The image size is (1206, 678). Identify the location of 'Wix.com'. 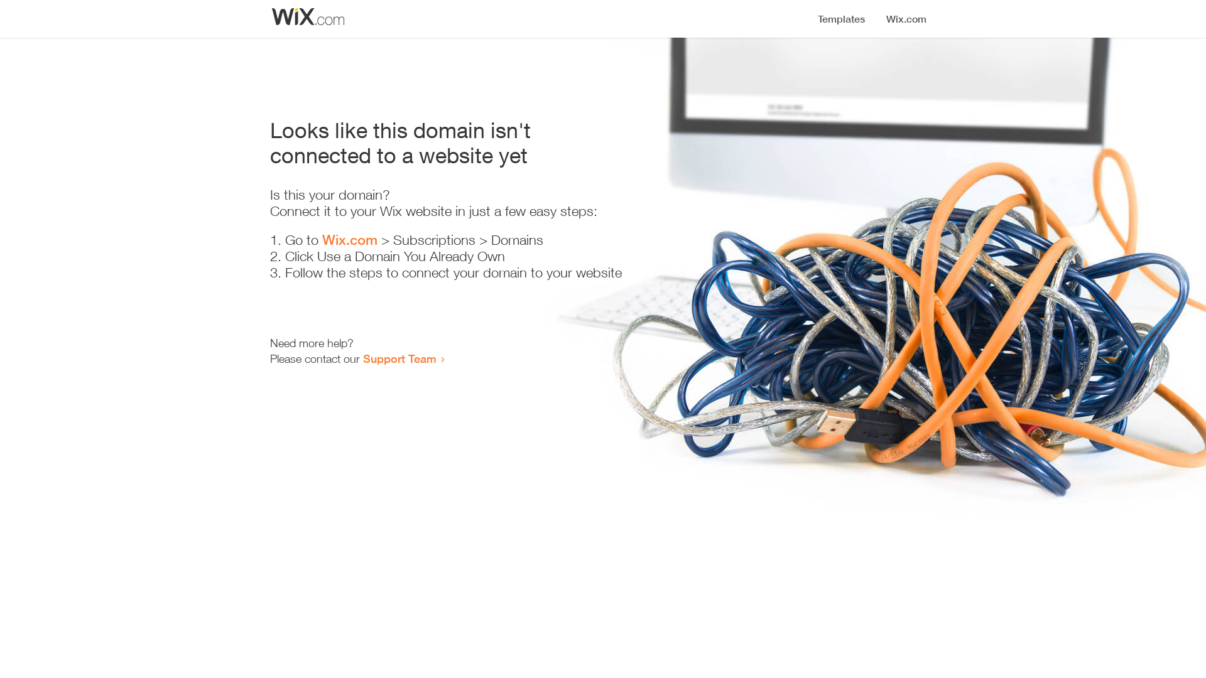
(322, 239).